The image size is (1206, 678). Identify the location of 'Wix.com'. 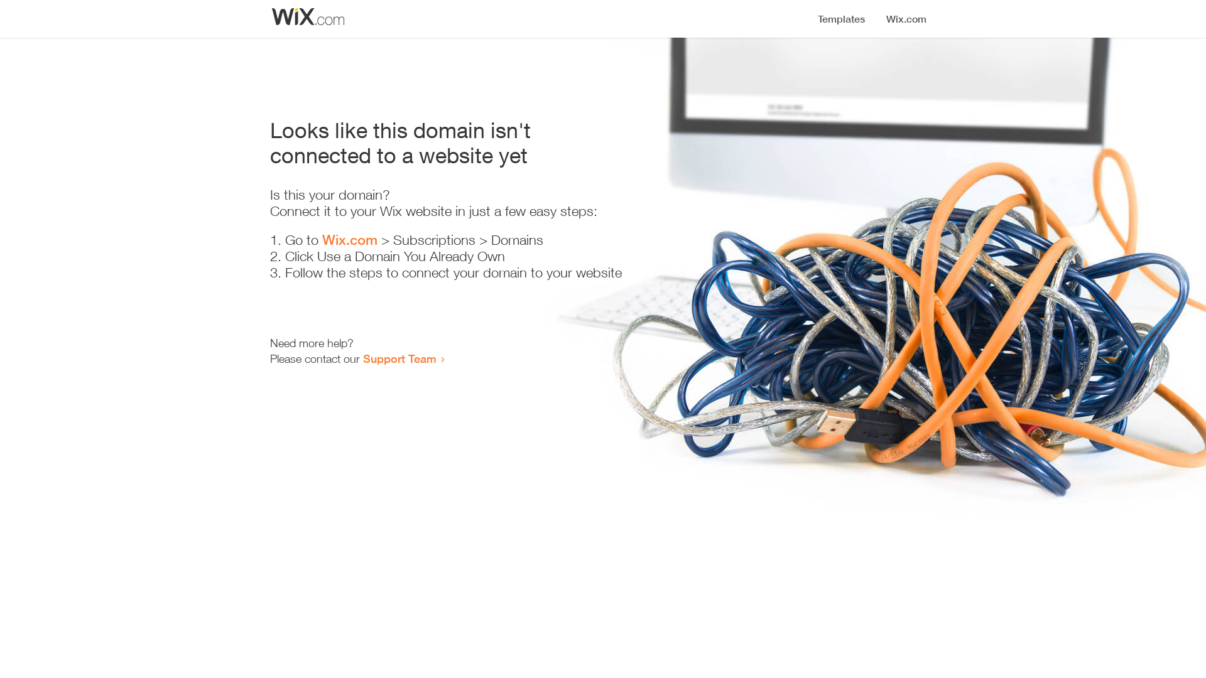
(322, 239).